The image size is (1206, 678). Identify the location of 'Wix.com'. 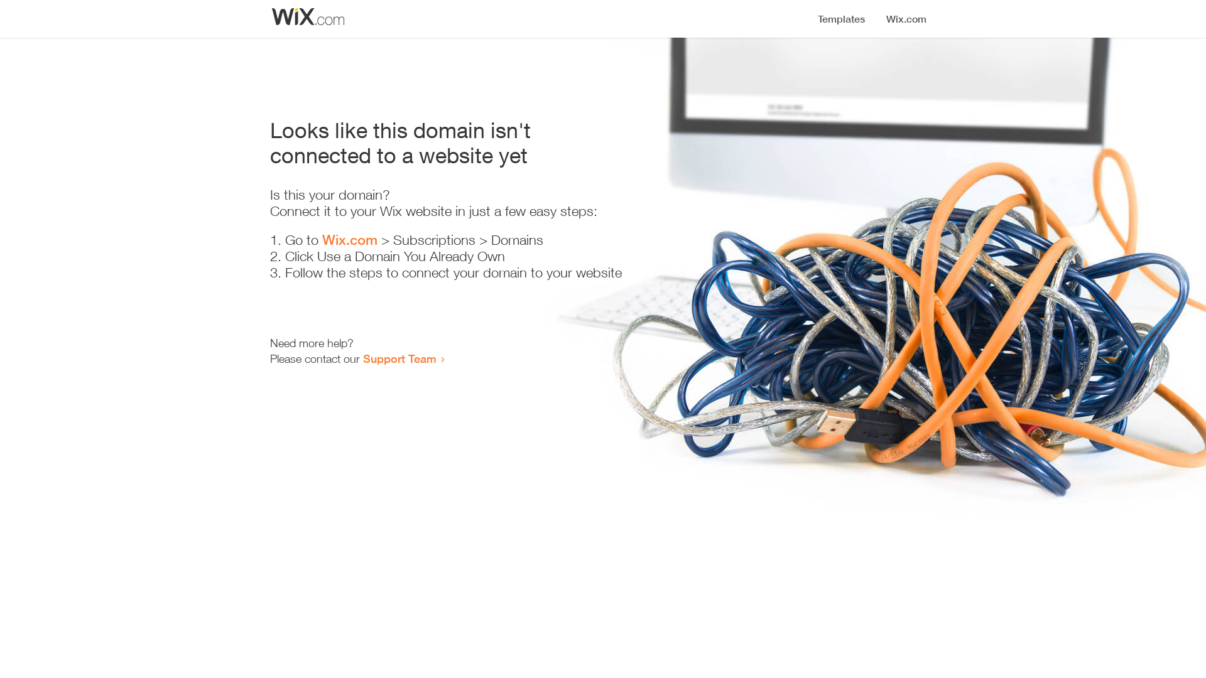
(322, 239).